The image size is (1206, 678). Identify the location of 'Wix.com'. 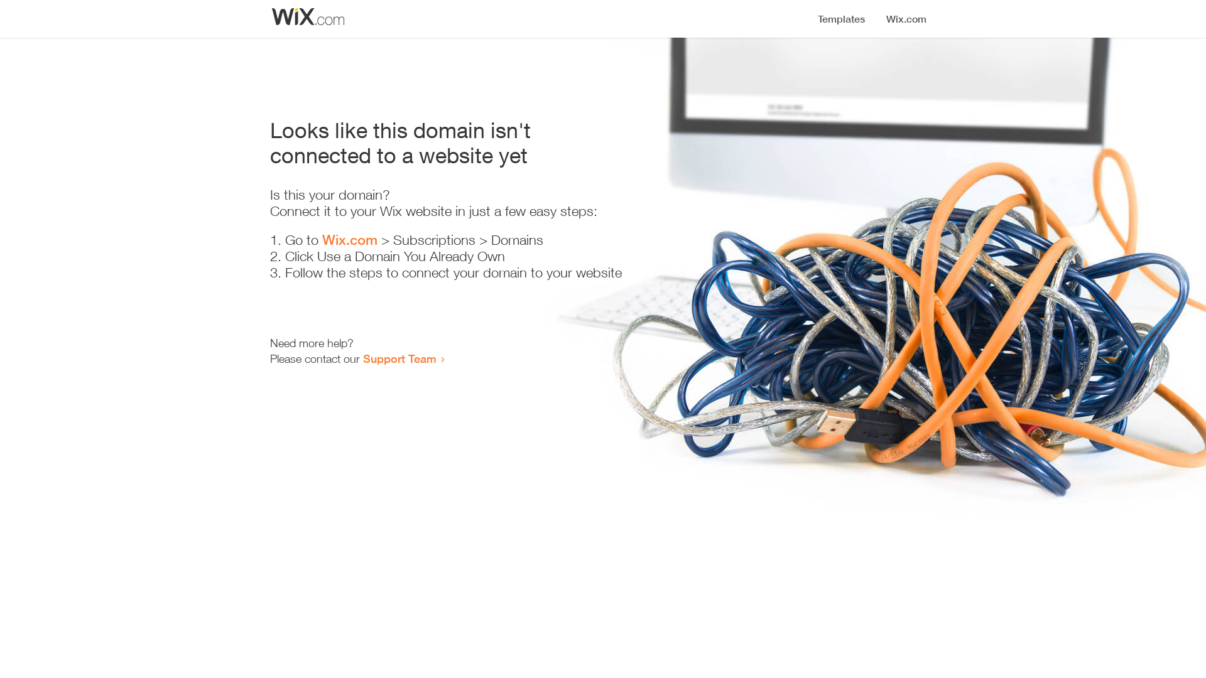
(322, 239).